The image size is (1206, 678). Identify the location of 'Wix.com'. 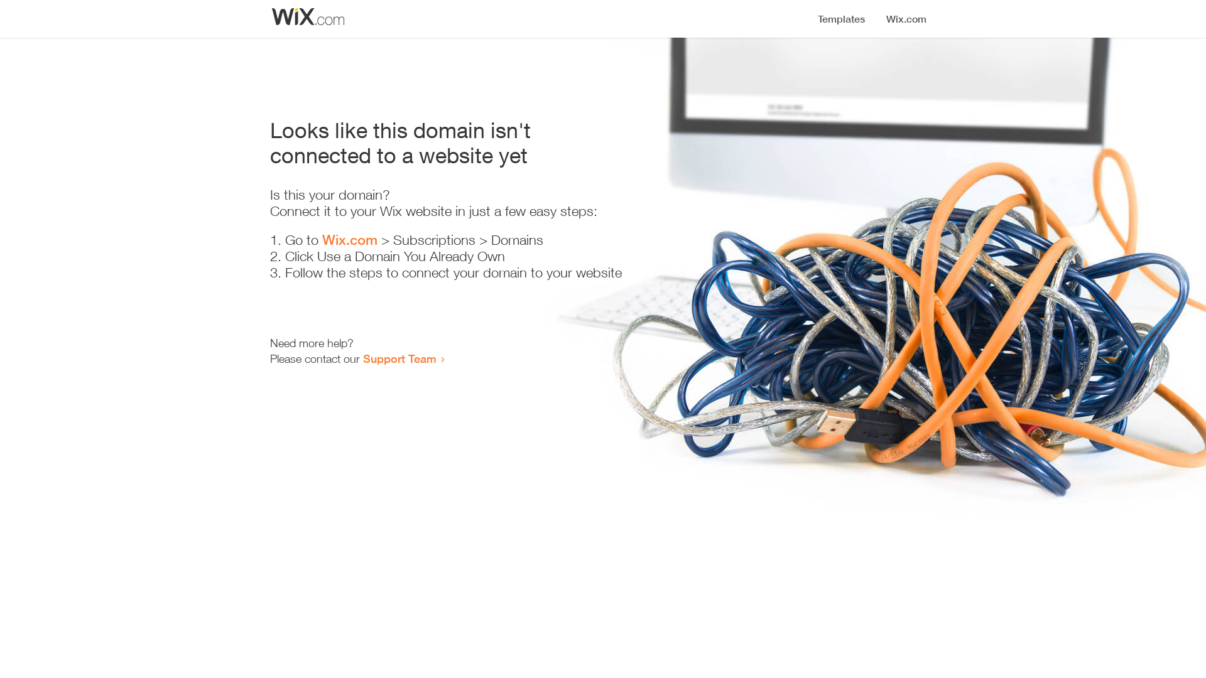
(322, 239).